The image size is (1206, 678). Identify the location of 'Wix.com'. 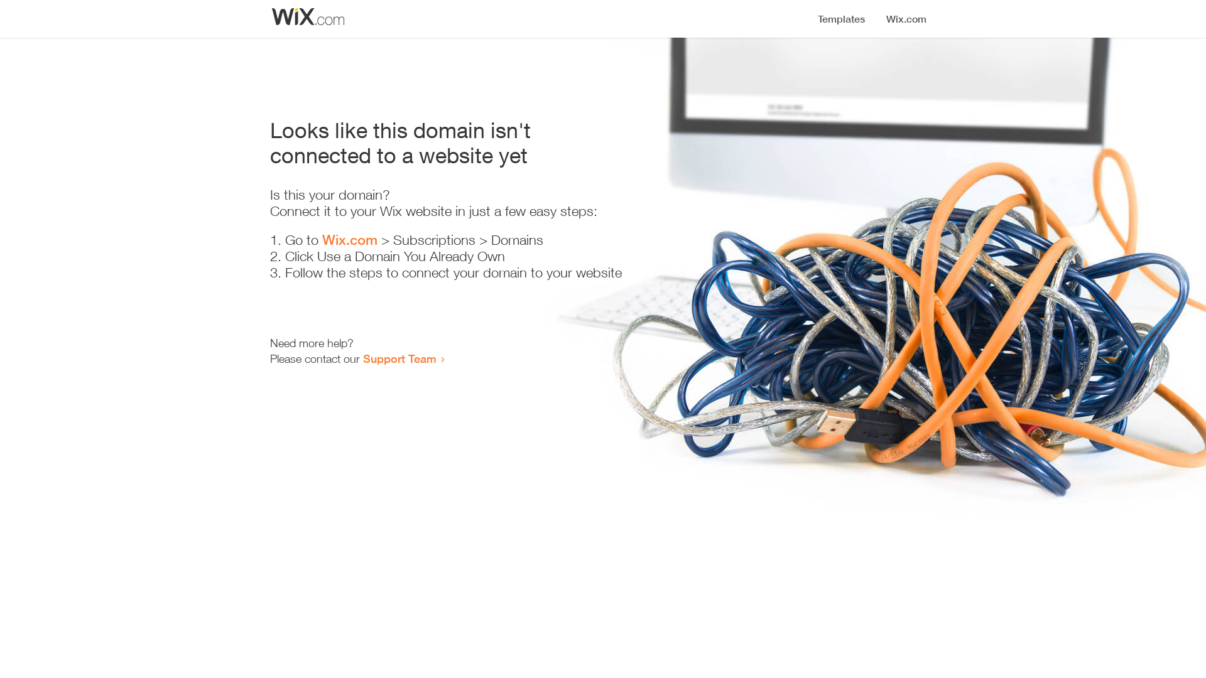
(322, 239).